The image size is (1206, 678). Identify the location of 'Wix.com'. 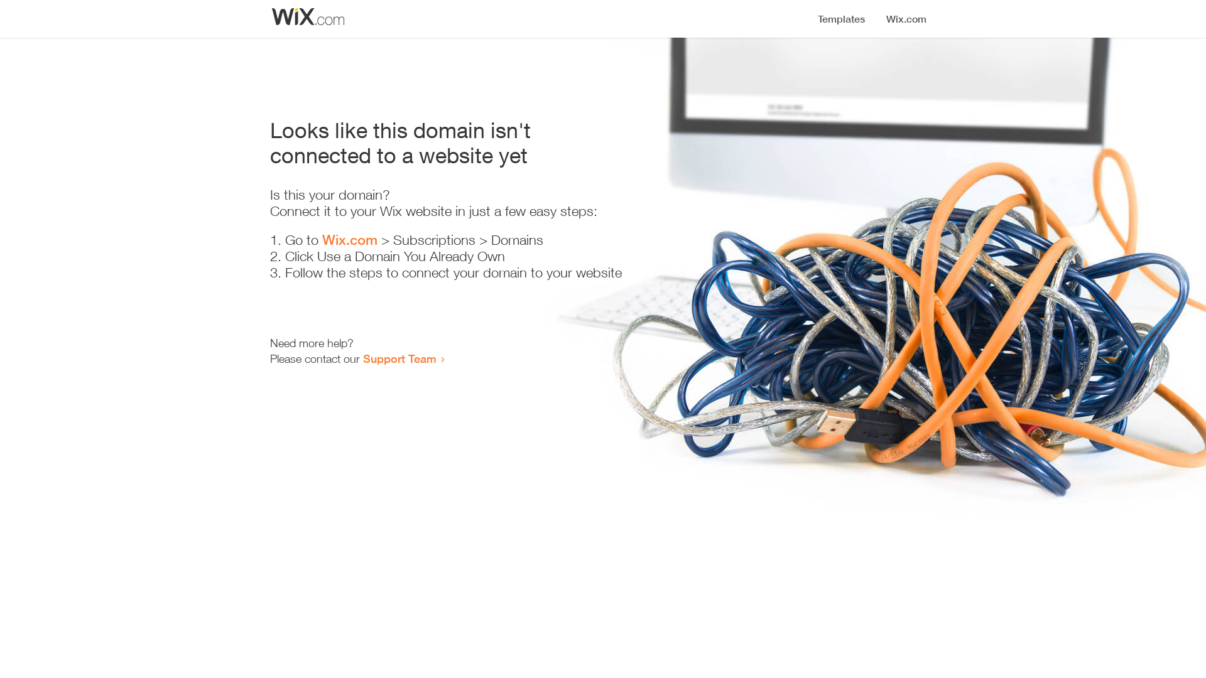
(322, 239).